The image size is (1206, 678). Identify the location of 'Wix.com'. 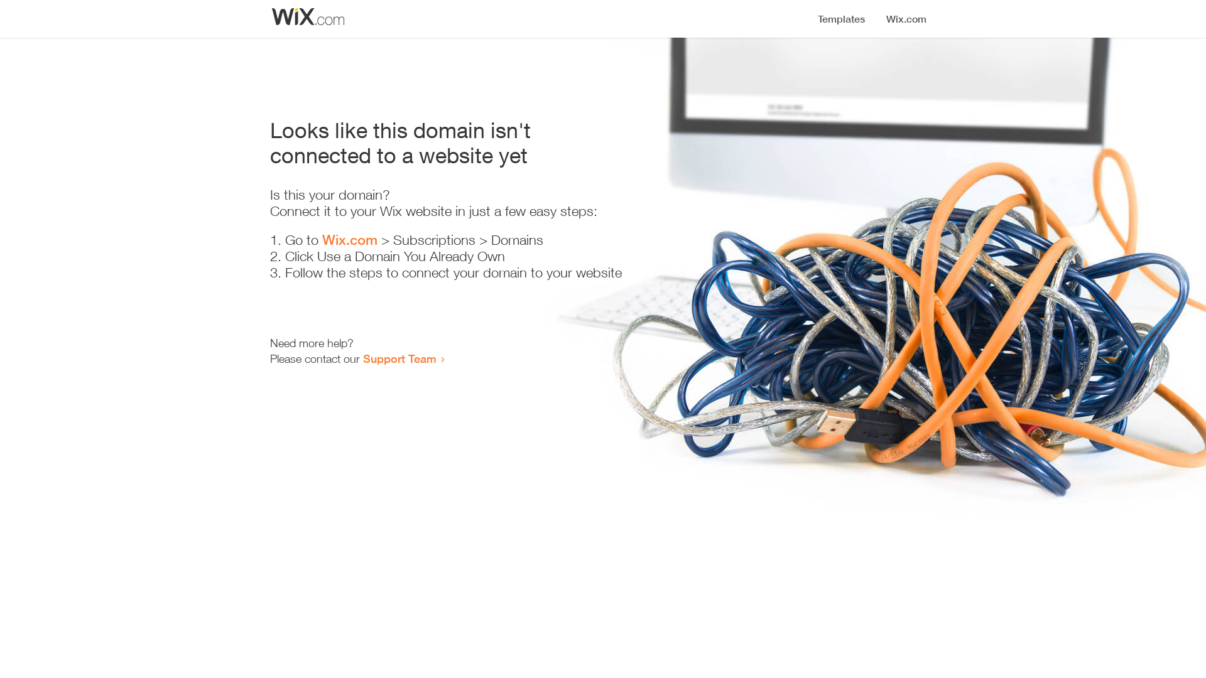
(322, 239).